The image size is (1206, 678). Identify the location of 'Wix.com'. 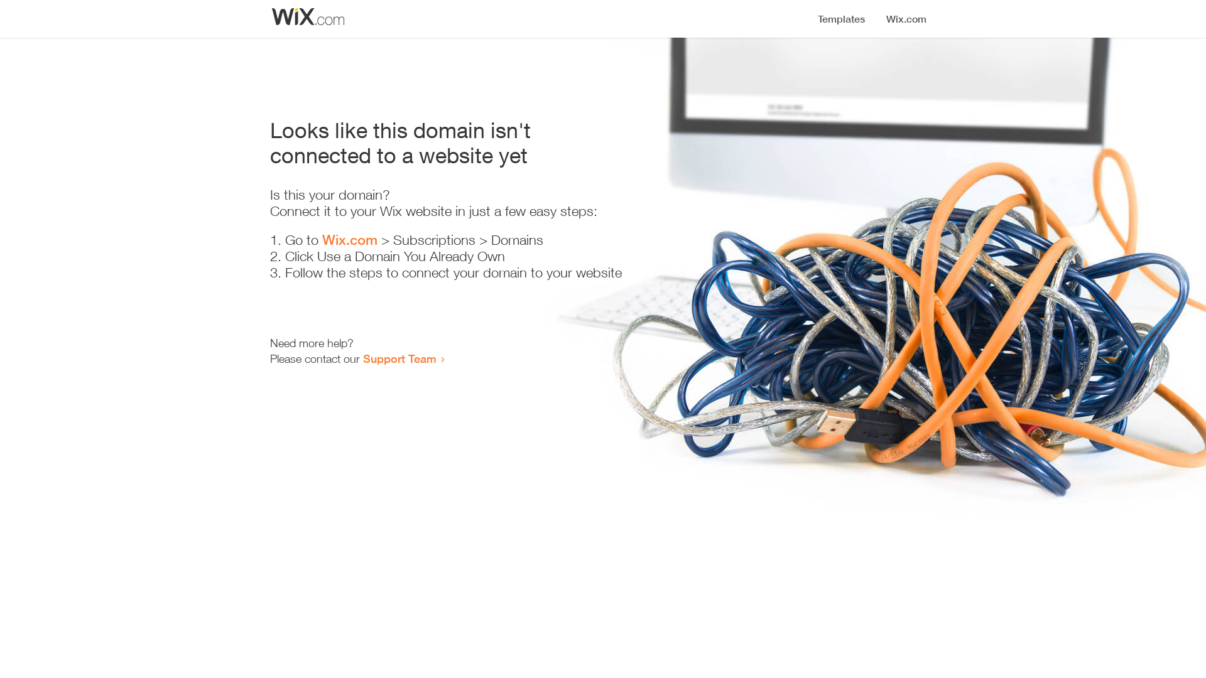
(322, 239).